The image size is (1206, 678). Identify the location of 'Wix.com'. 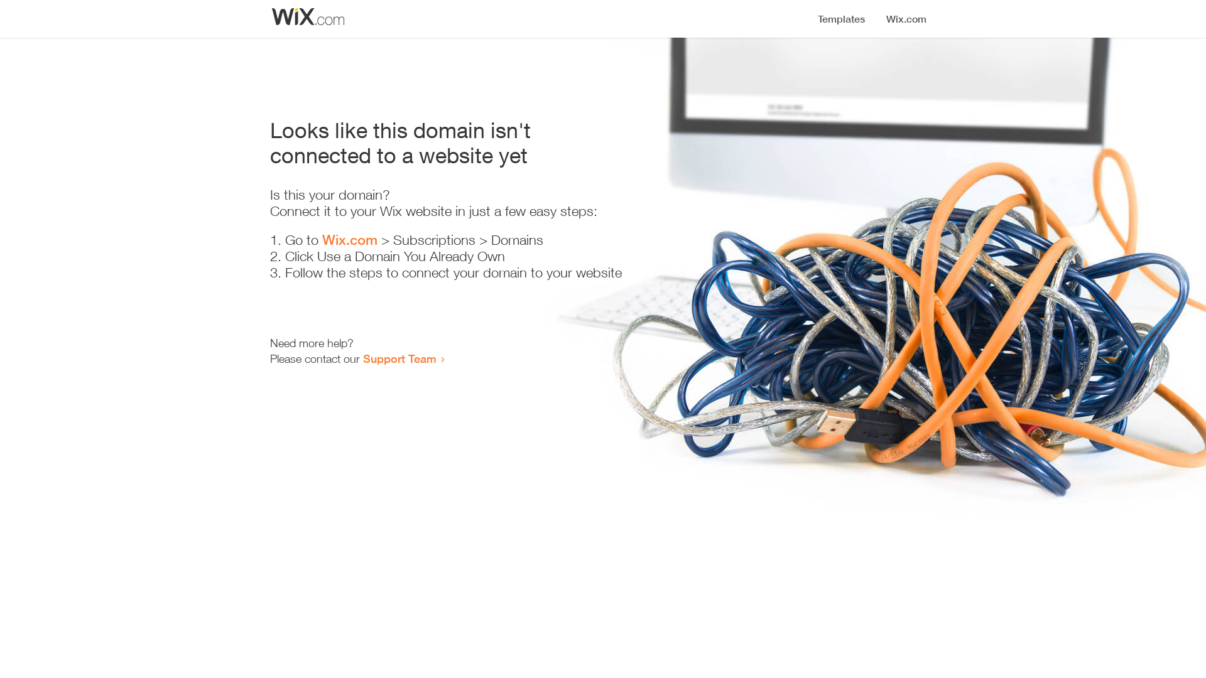
(322, 239).